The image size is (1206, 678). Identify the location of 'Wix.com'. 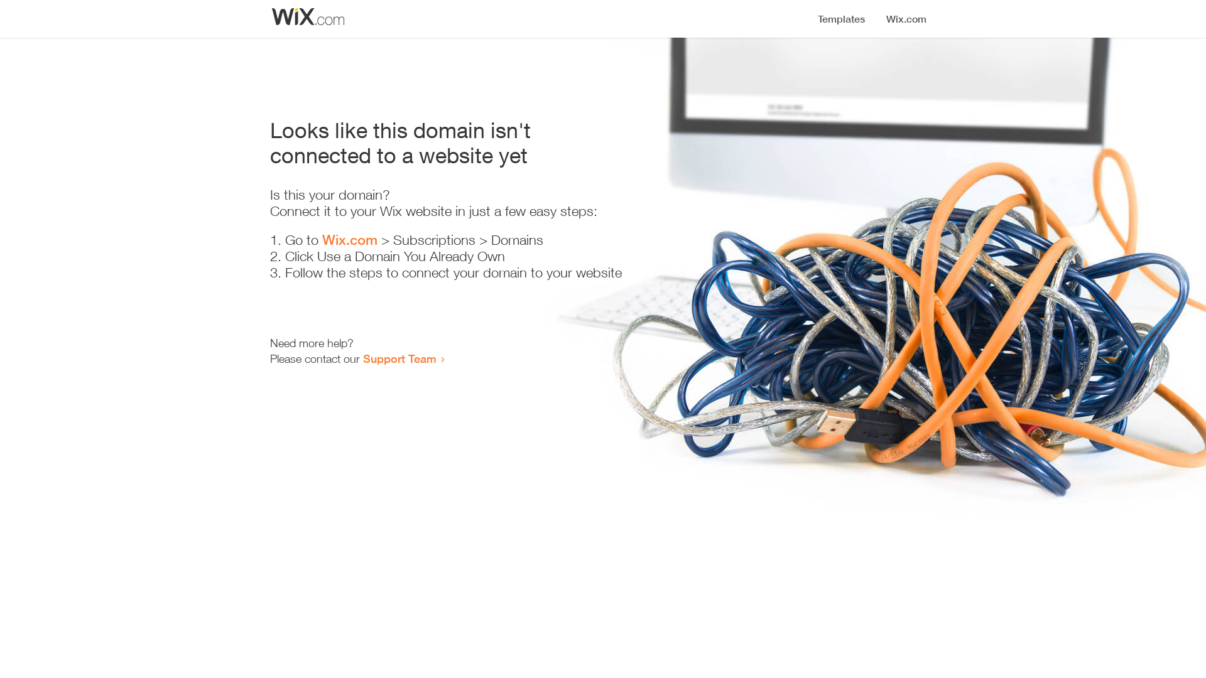
(322, 239).